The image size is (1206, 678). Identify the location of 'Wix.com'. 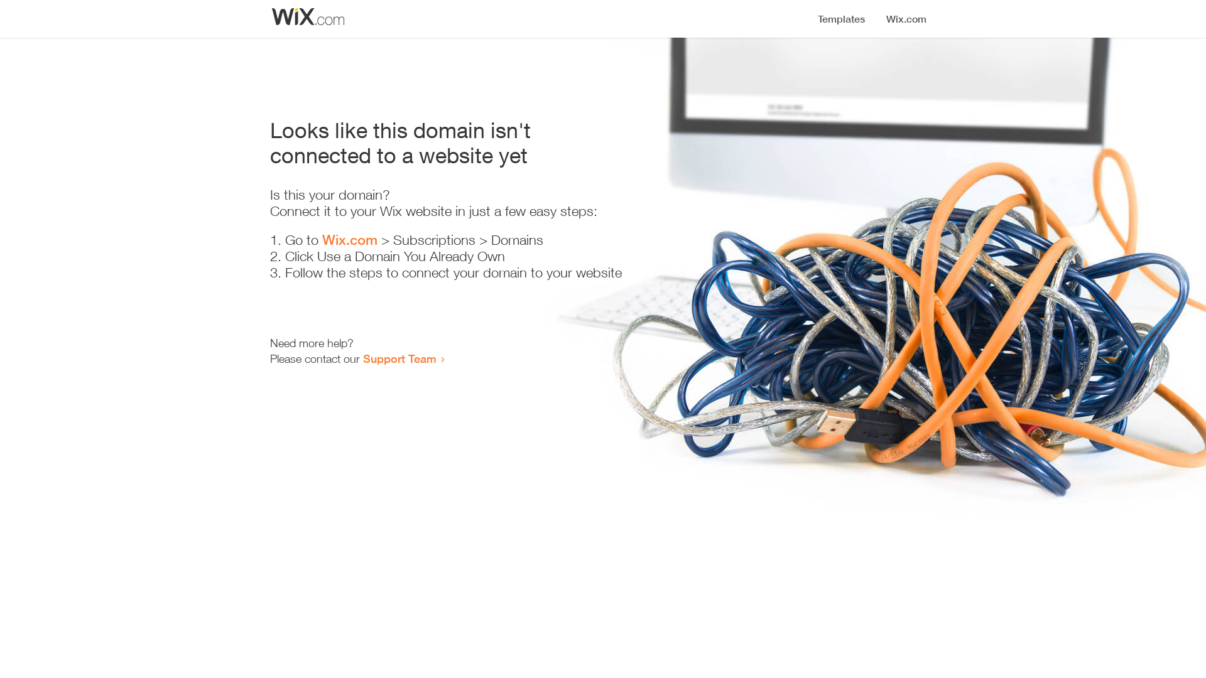
(322, 239).